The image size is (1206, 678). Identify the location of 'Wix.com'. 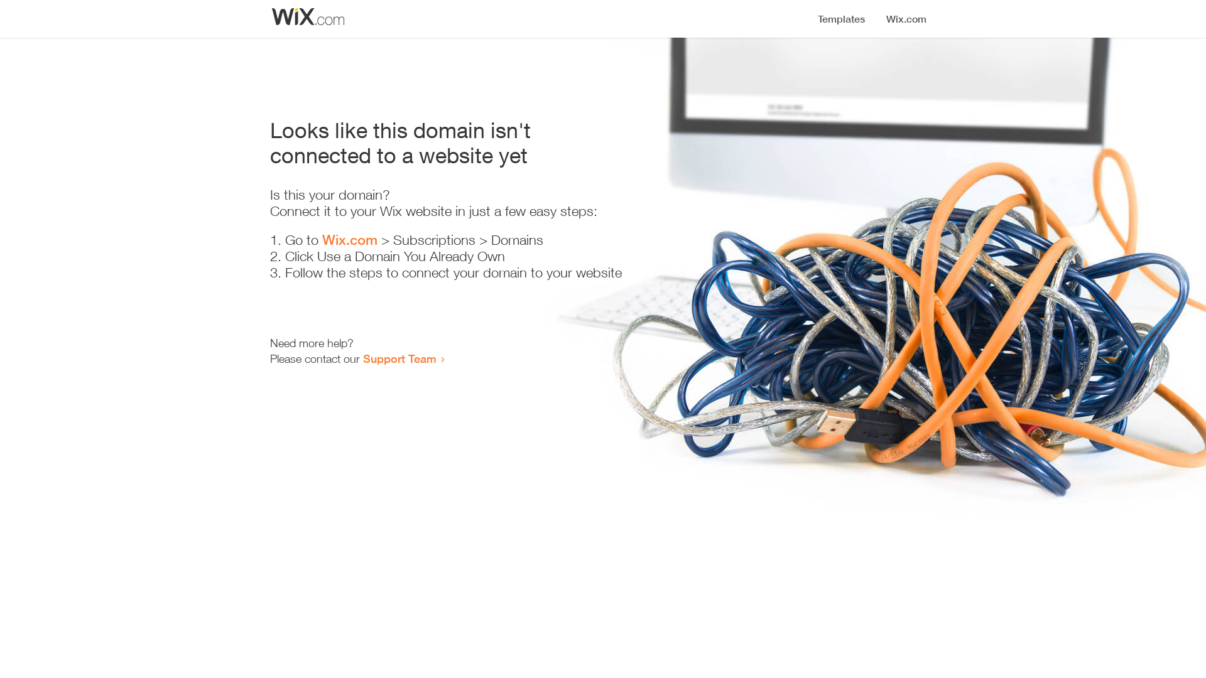
(322, 239).